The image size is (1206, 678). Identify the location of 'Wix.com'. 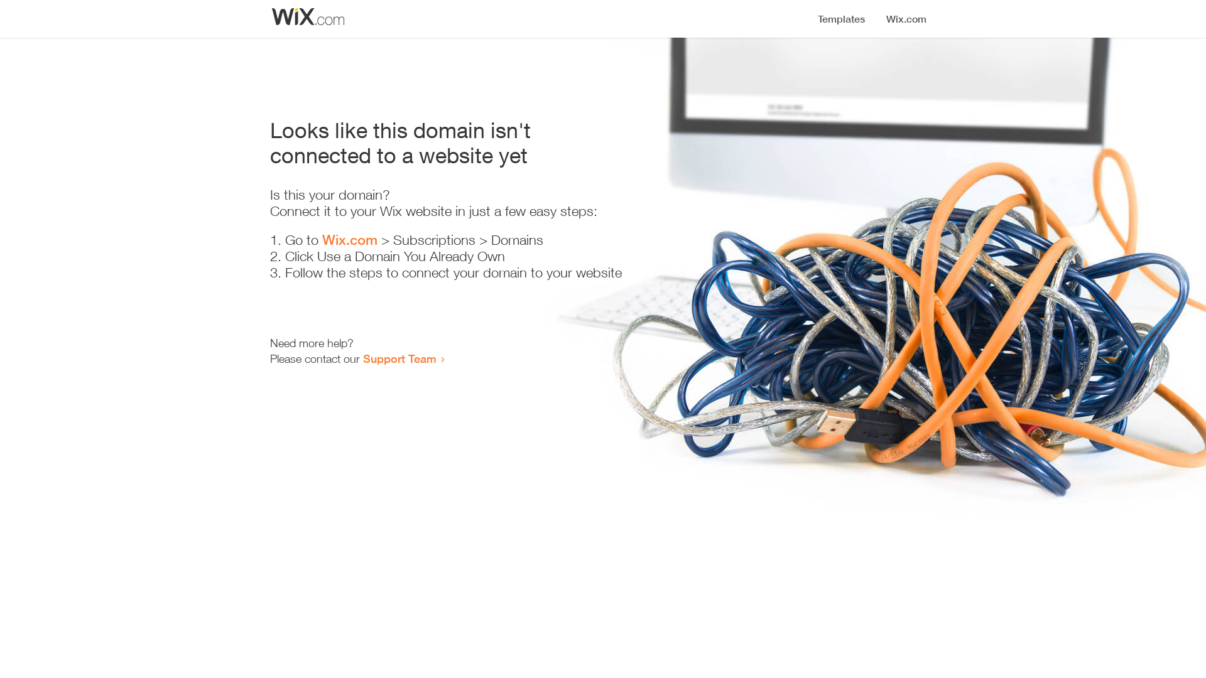
(322, 239).